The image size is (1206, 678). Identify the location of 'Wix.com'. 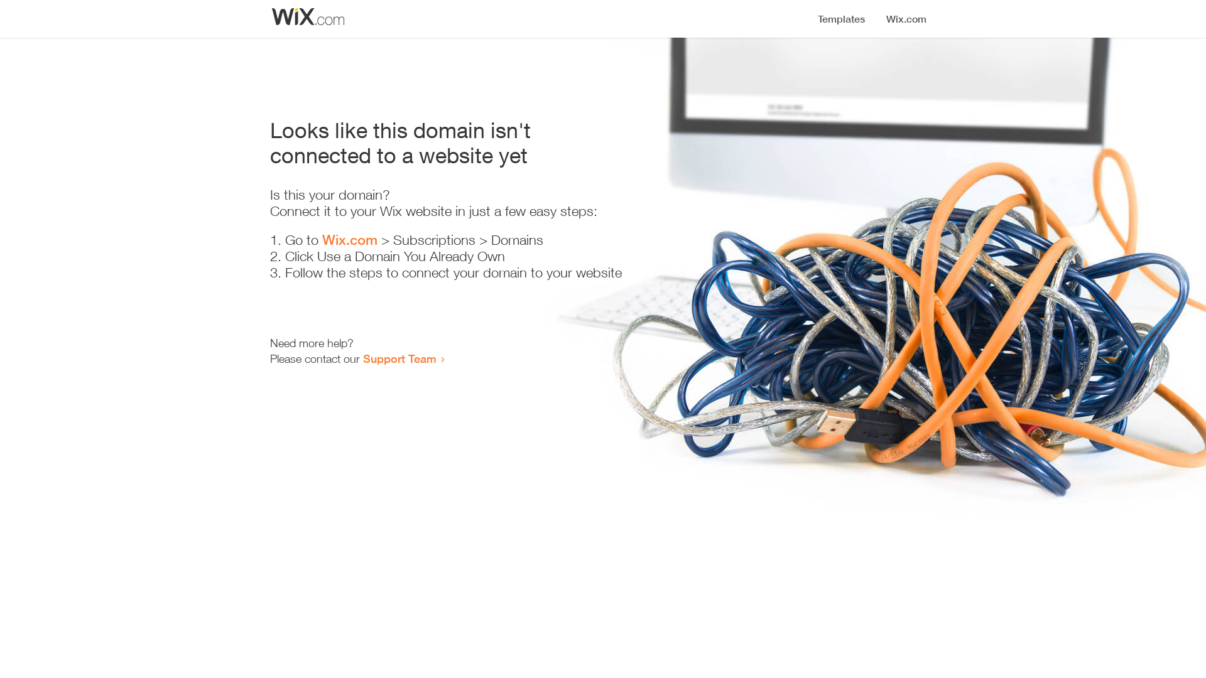
(322, 239).